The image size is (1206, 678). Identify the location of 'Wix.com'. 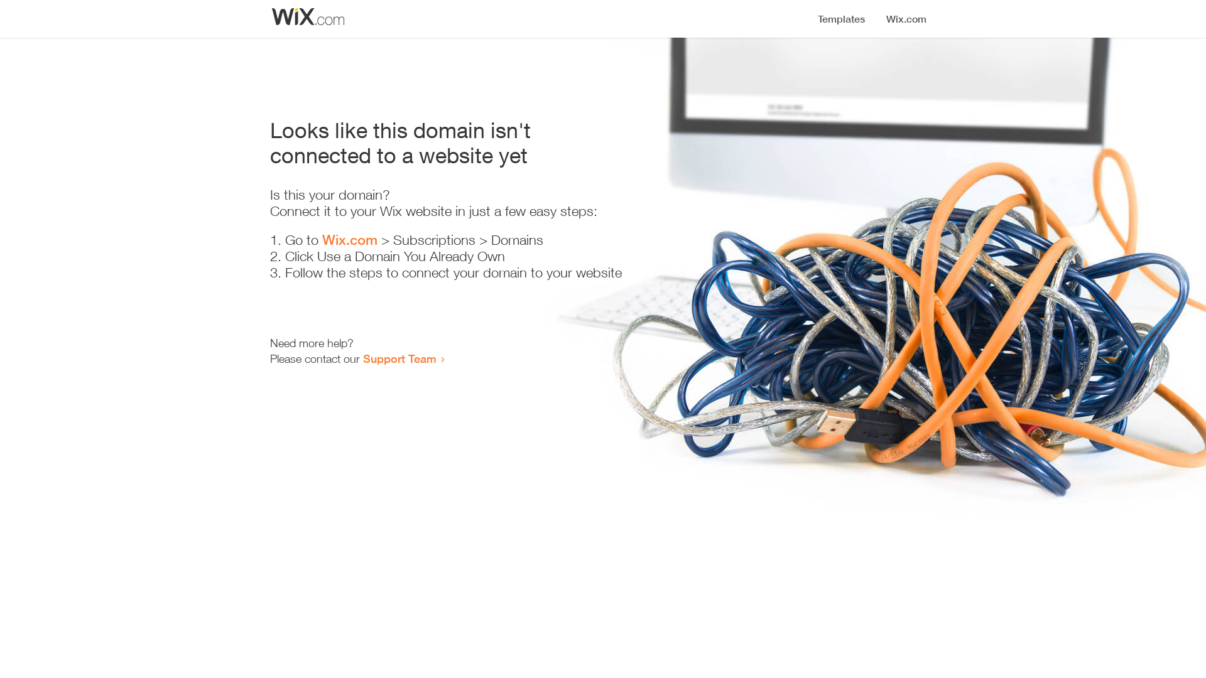
(322, 239).